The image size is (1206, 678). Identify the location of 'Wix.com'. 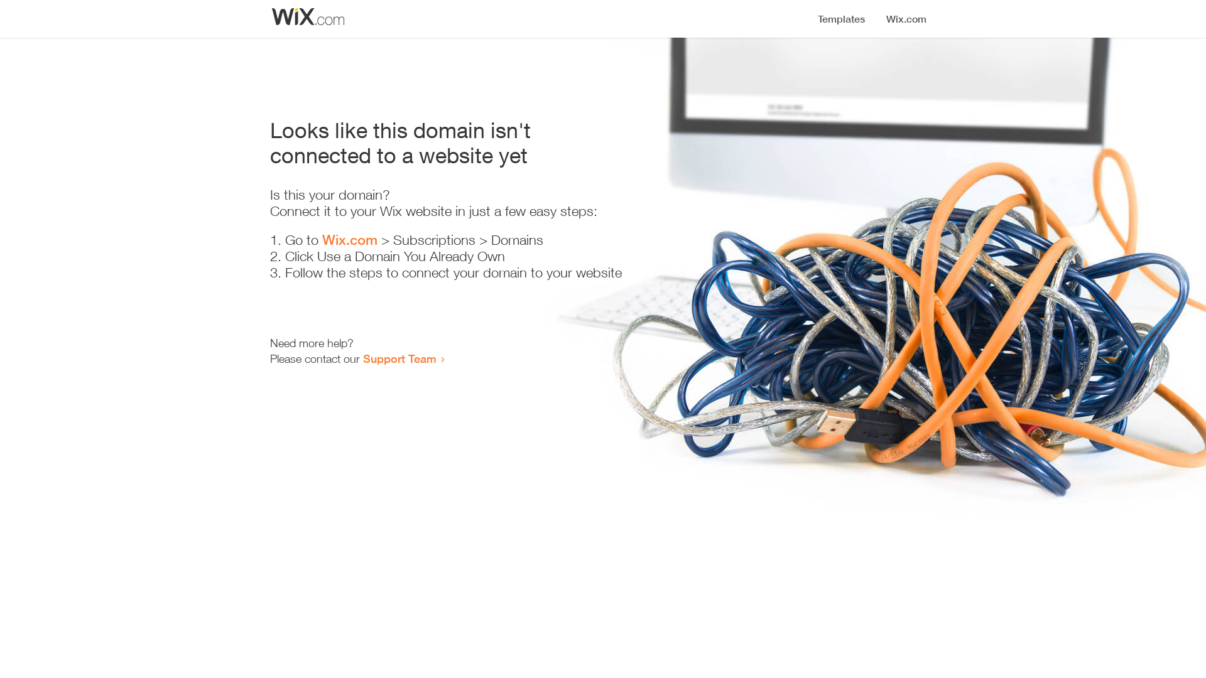
(322, 239).